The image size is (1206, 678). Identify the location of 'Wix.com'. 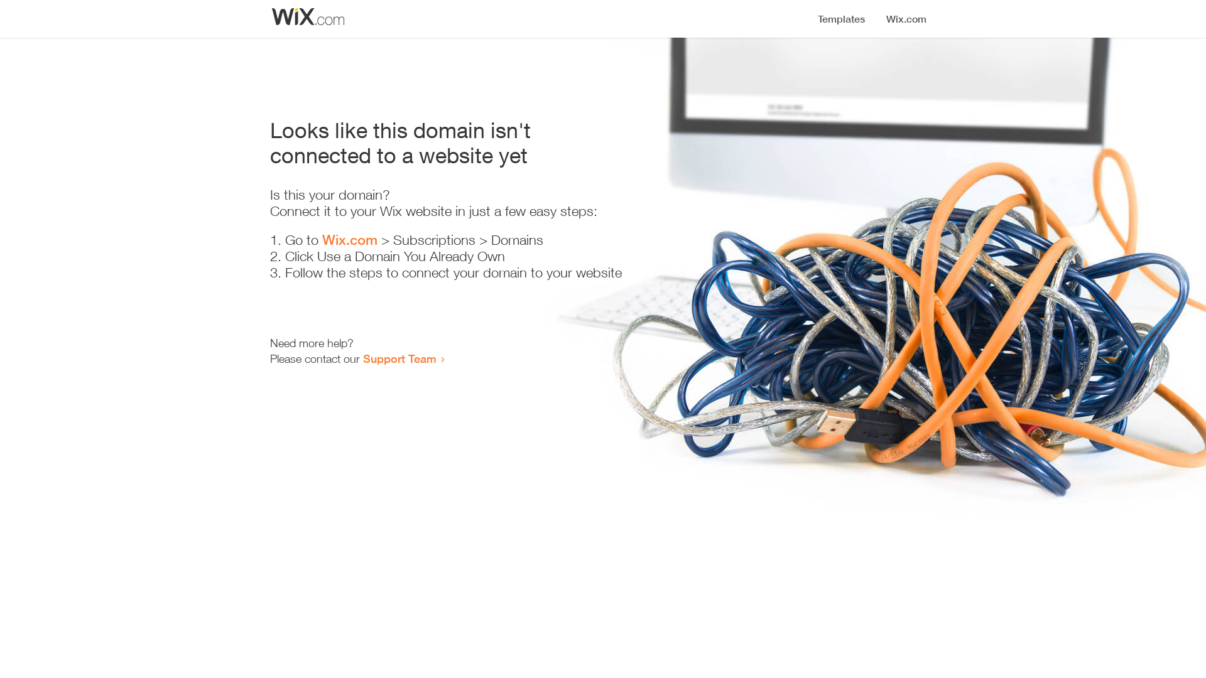
(322, 239).